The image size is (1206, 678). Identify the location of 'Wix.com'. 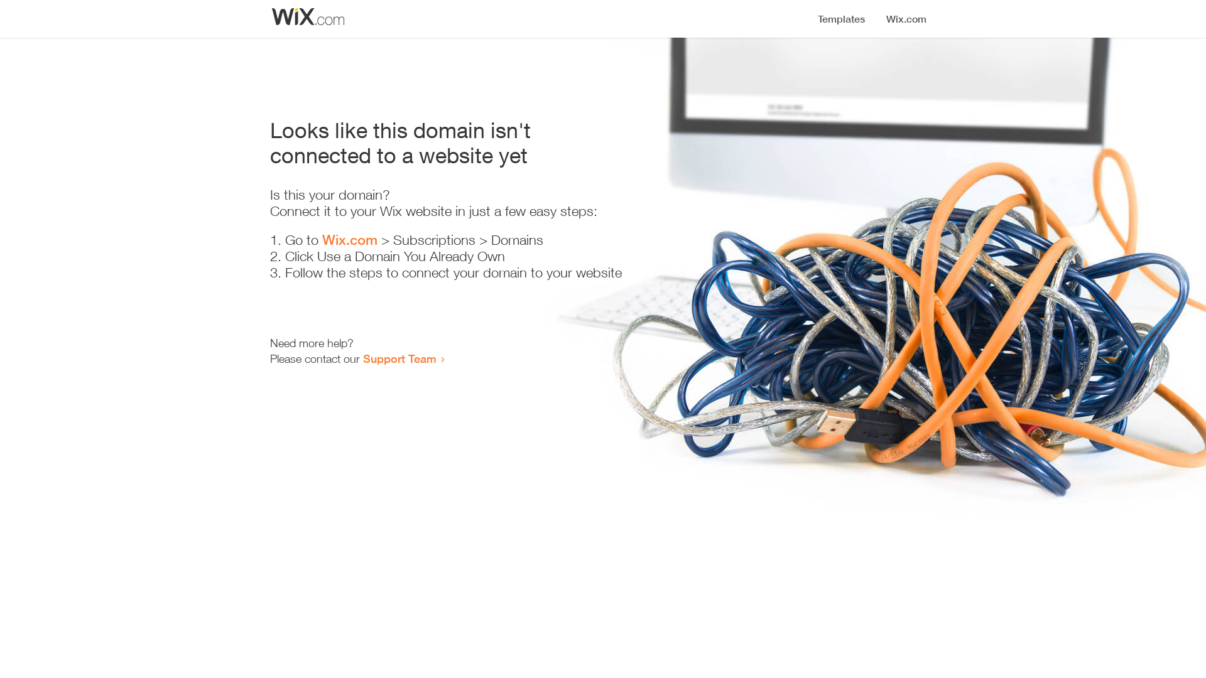
(322, 239).